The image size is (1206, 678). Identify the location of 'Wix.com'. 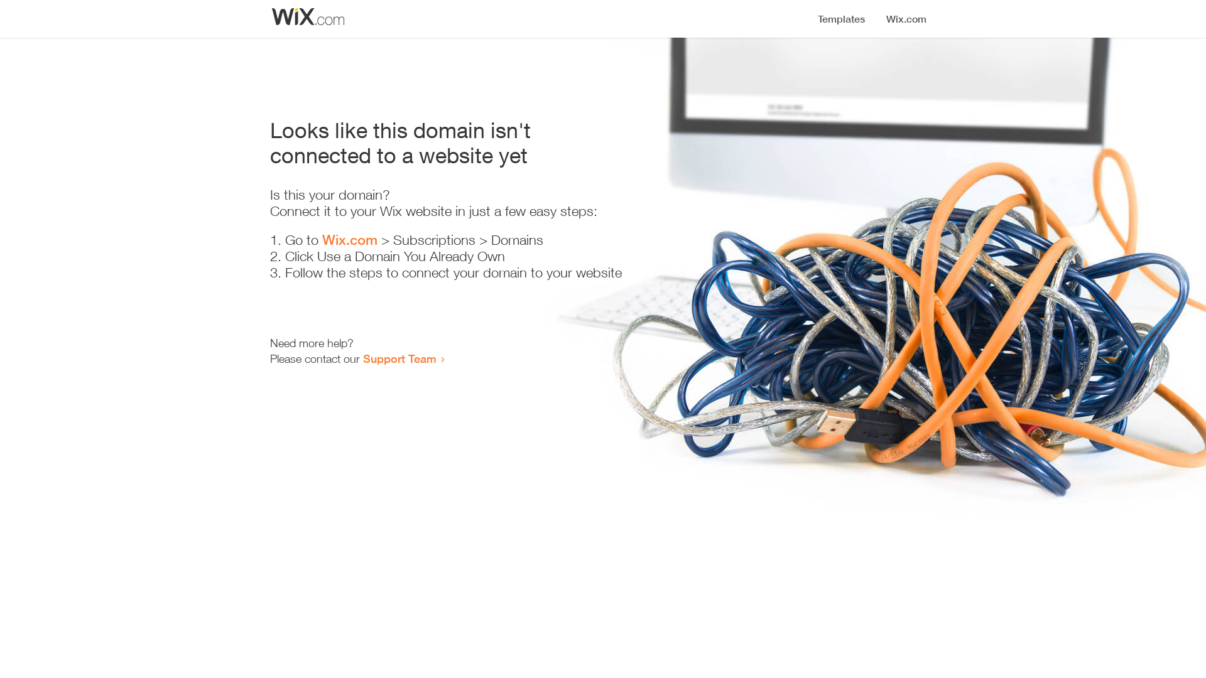
(322, 239).